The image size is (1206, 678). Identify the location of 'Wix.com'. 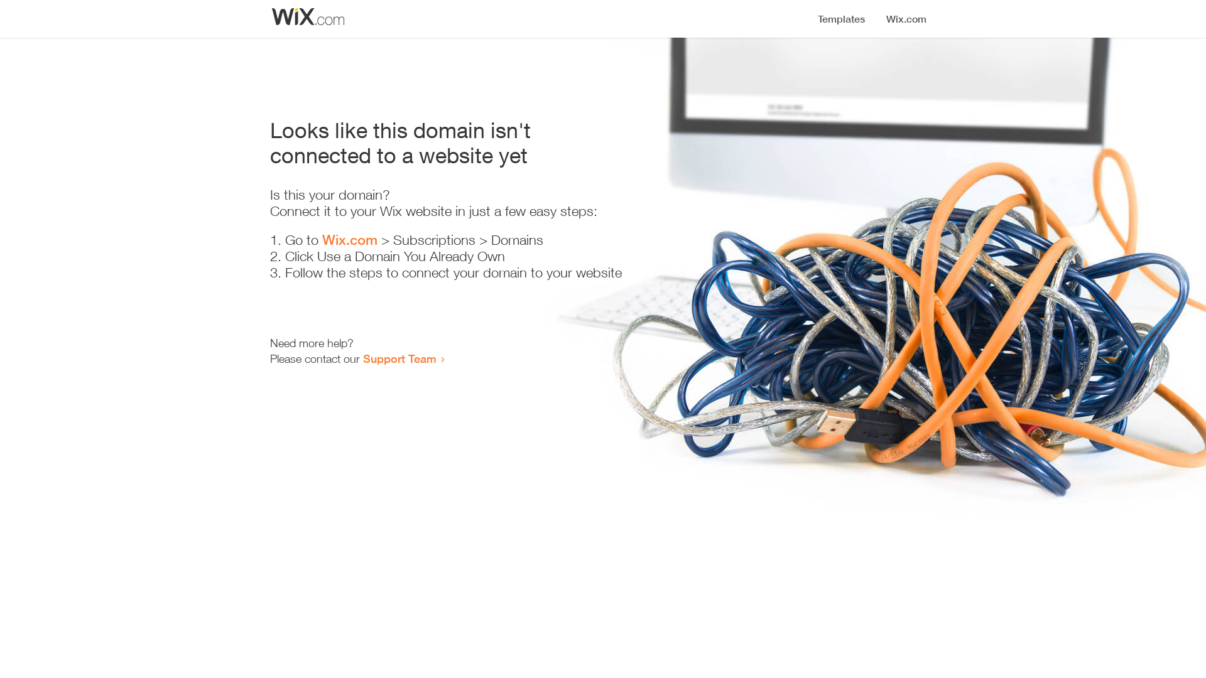
(322, 239).